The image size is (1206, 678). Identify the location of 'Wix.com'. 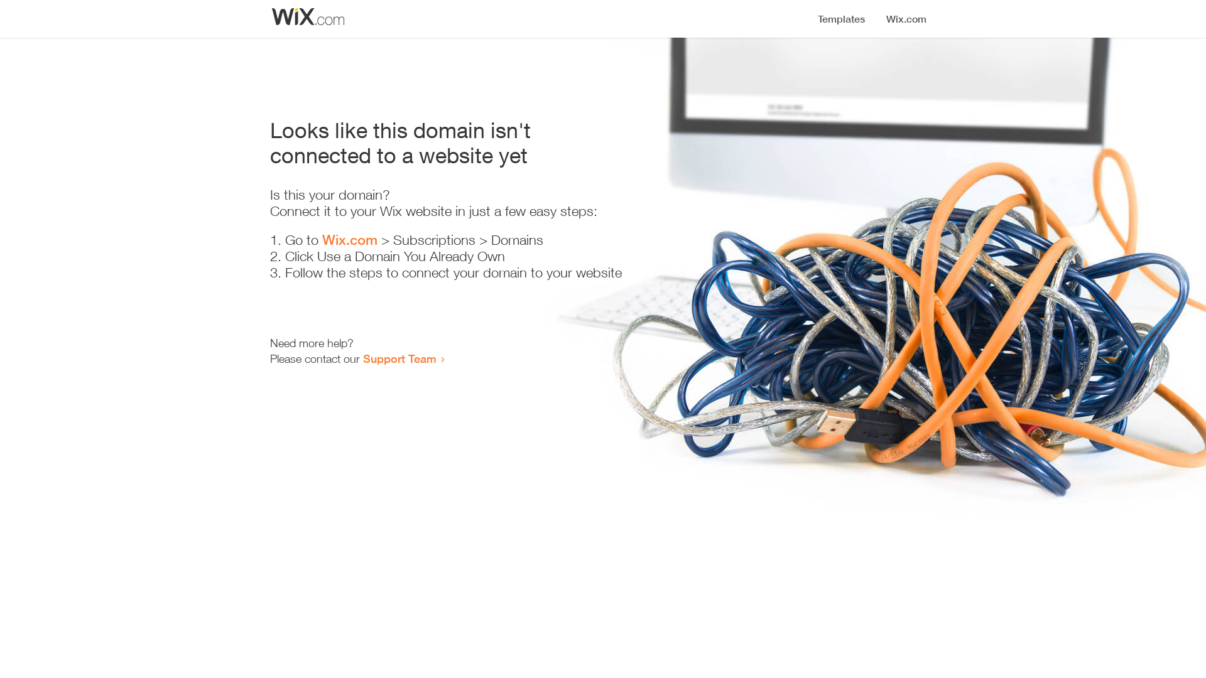
(322, 239).